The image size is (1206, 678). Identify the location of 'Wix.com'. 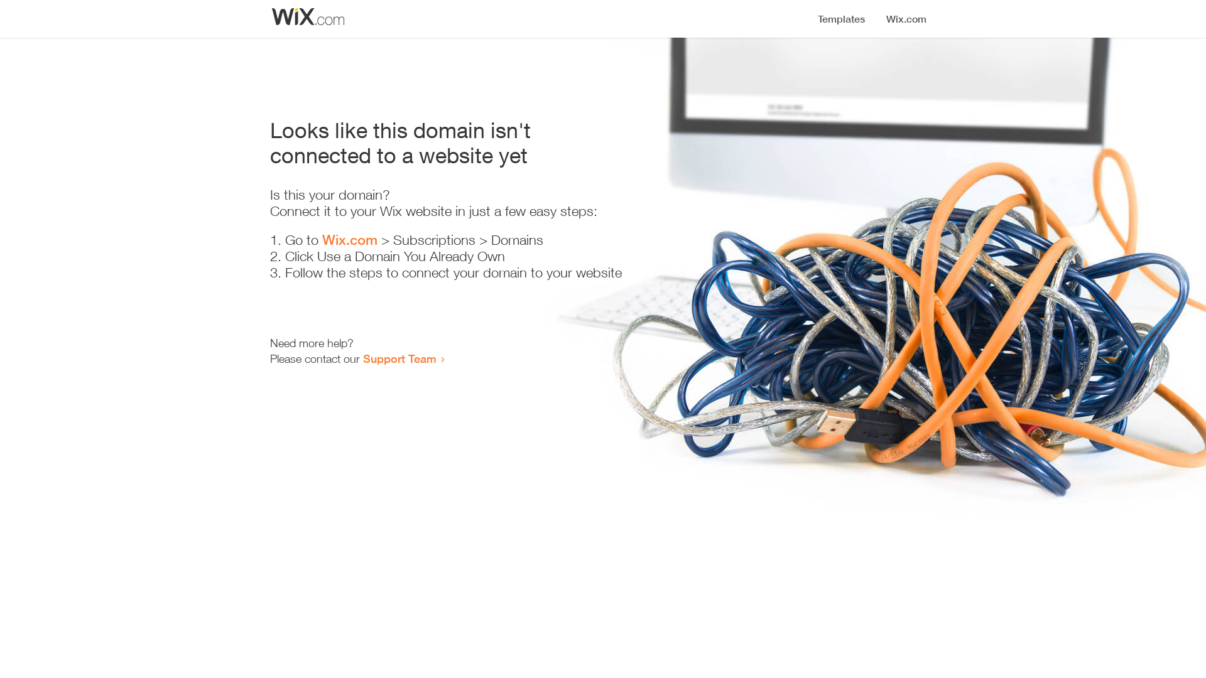
(322, 239).